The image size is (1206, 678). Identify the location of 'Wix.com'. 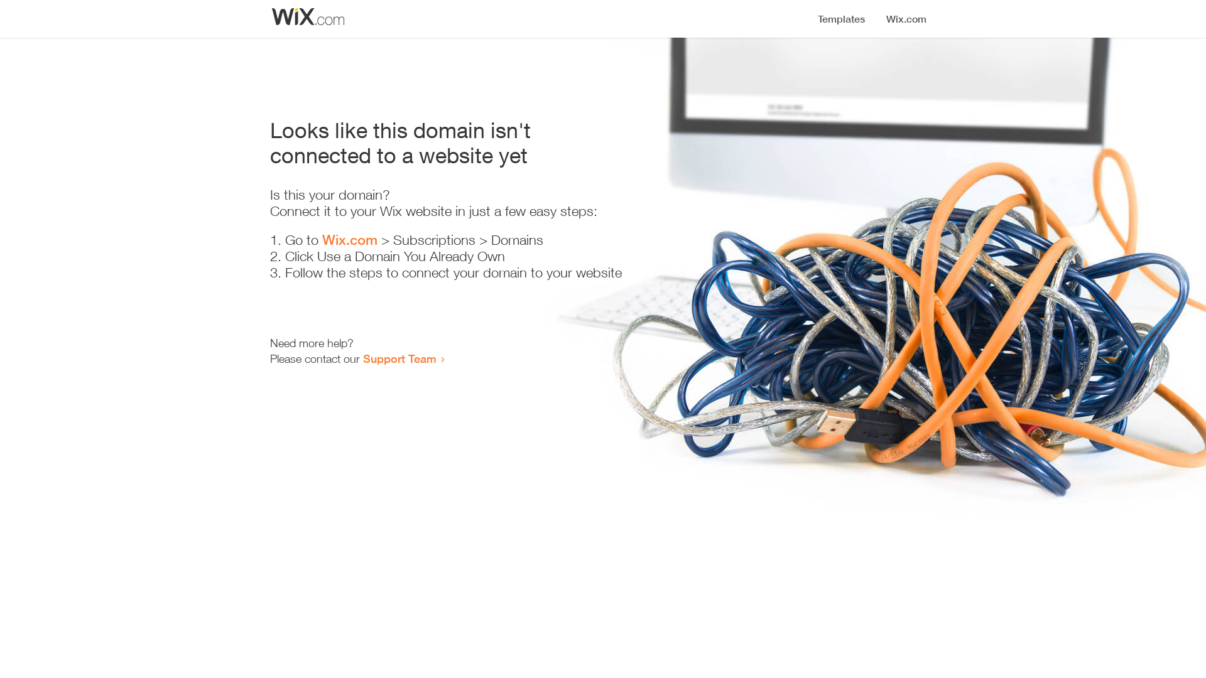
(322, 239).